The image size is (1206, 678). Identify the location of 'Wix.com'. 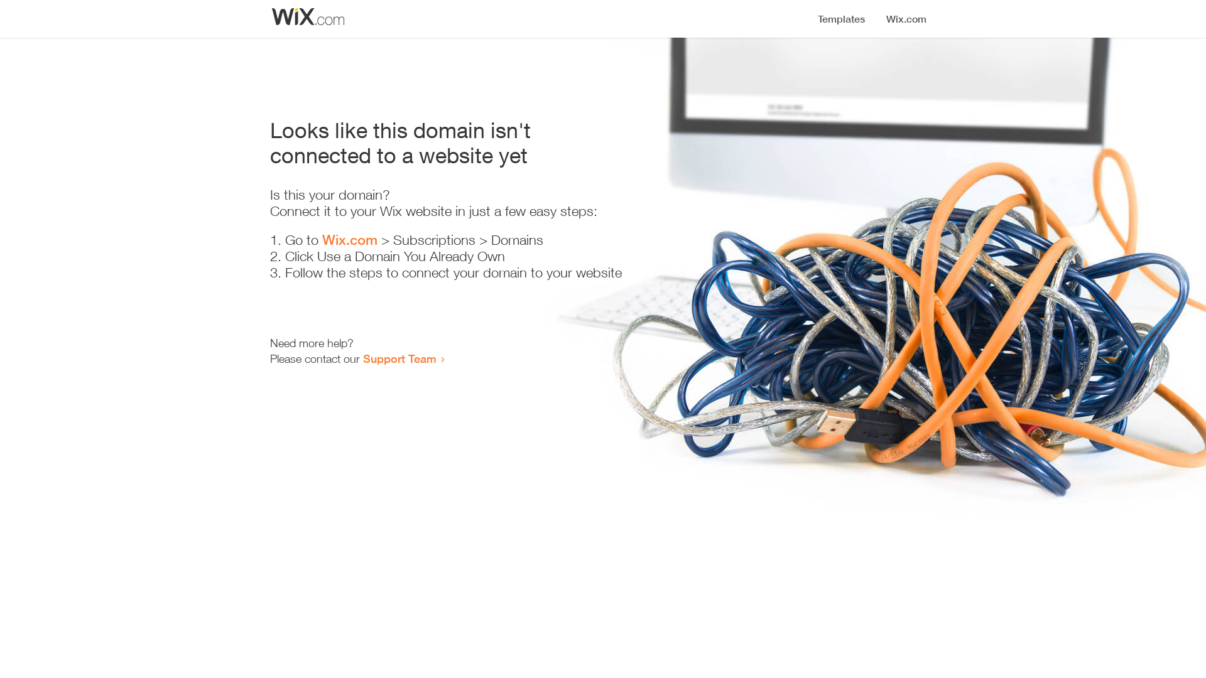
(322, 239).